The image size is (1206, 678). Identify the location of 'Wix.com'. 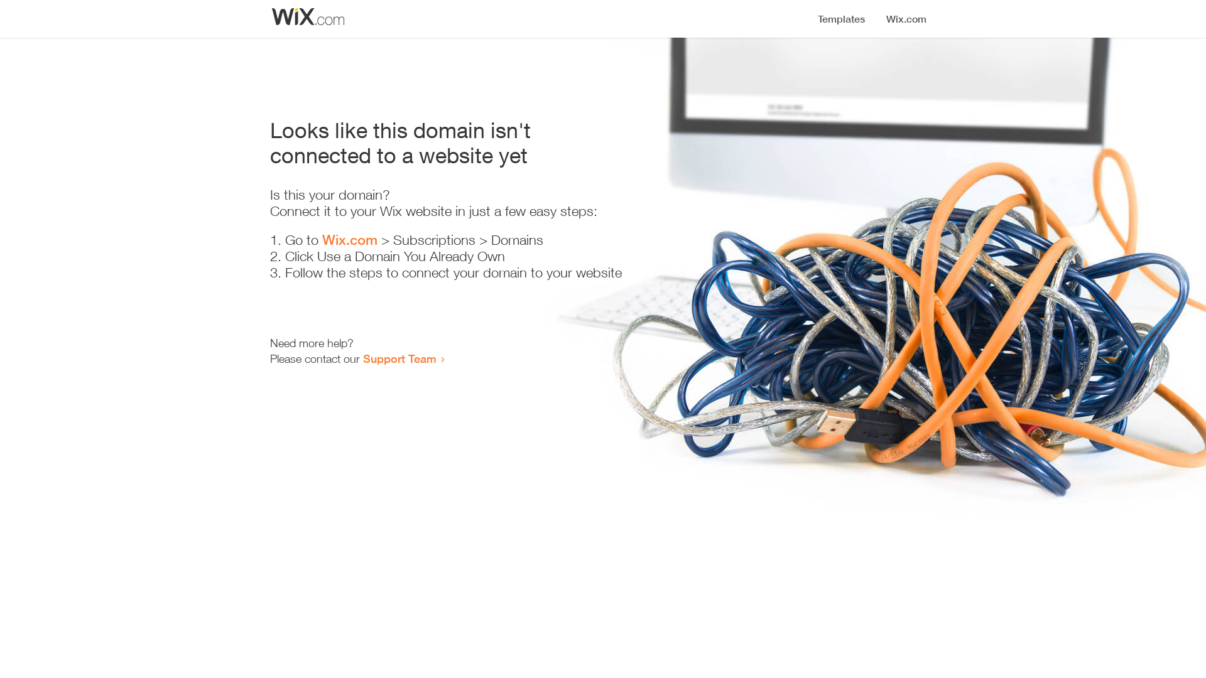
(322, 239).